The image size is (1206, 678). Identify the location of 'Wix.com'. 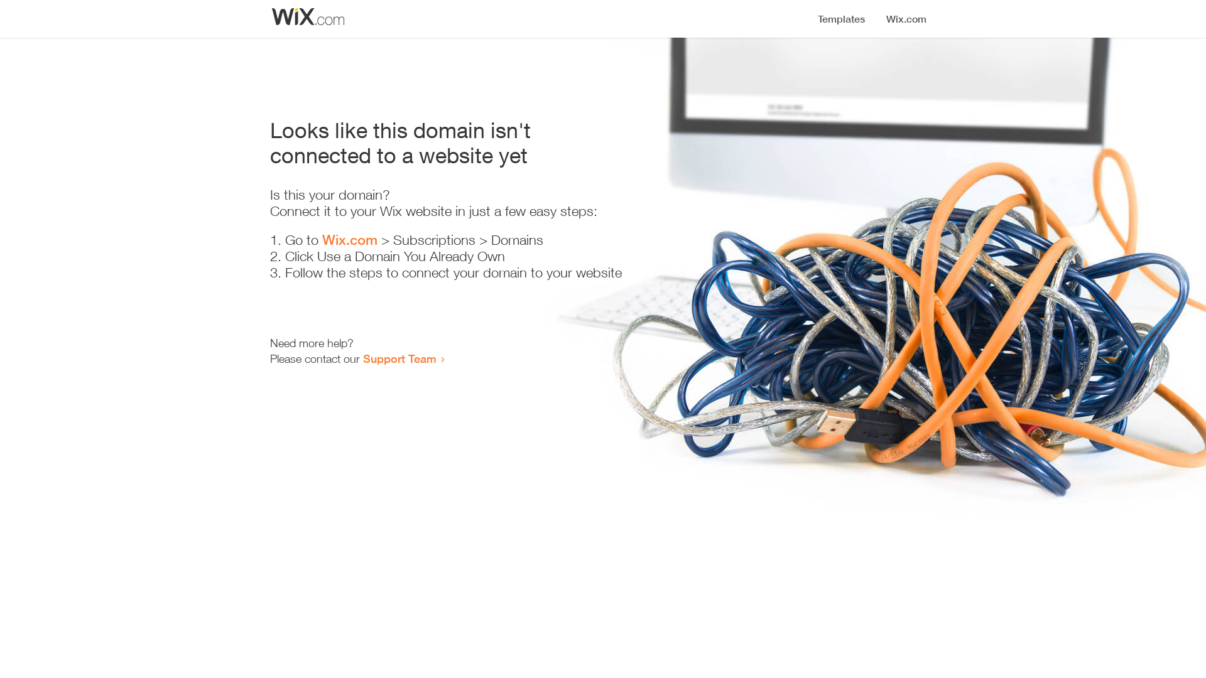
(322, 239).